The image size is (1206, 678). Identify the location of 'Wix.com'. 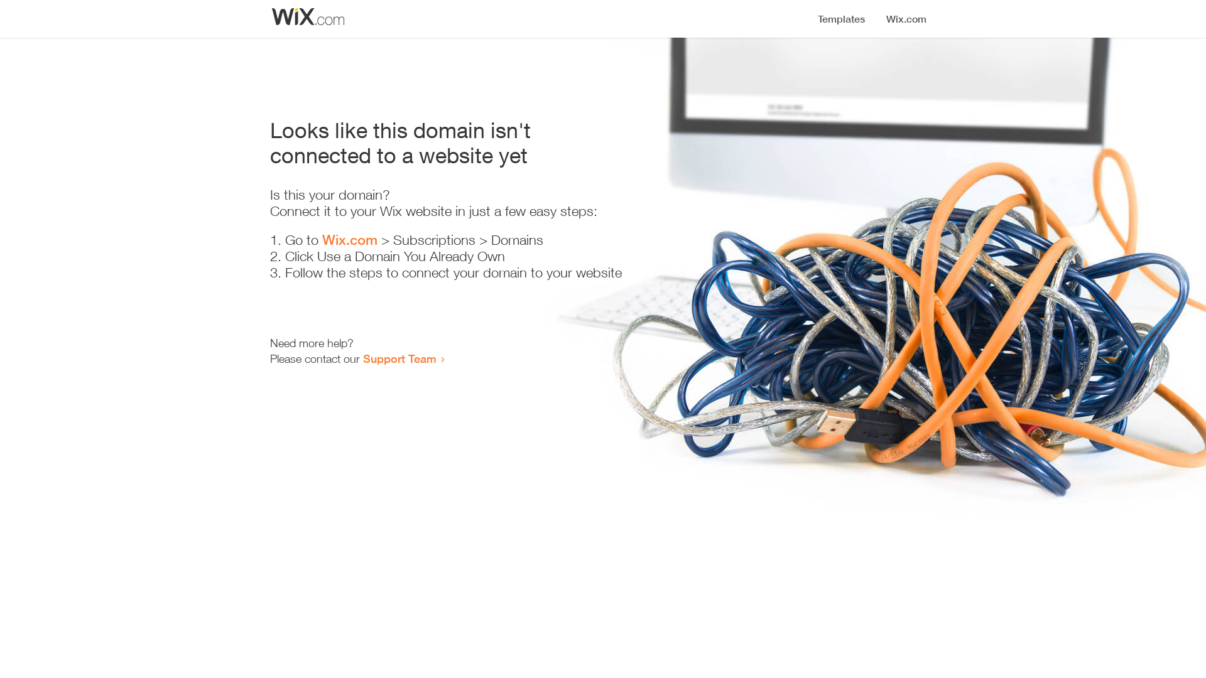
(322, 239).